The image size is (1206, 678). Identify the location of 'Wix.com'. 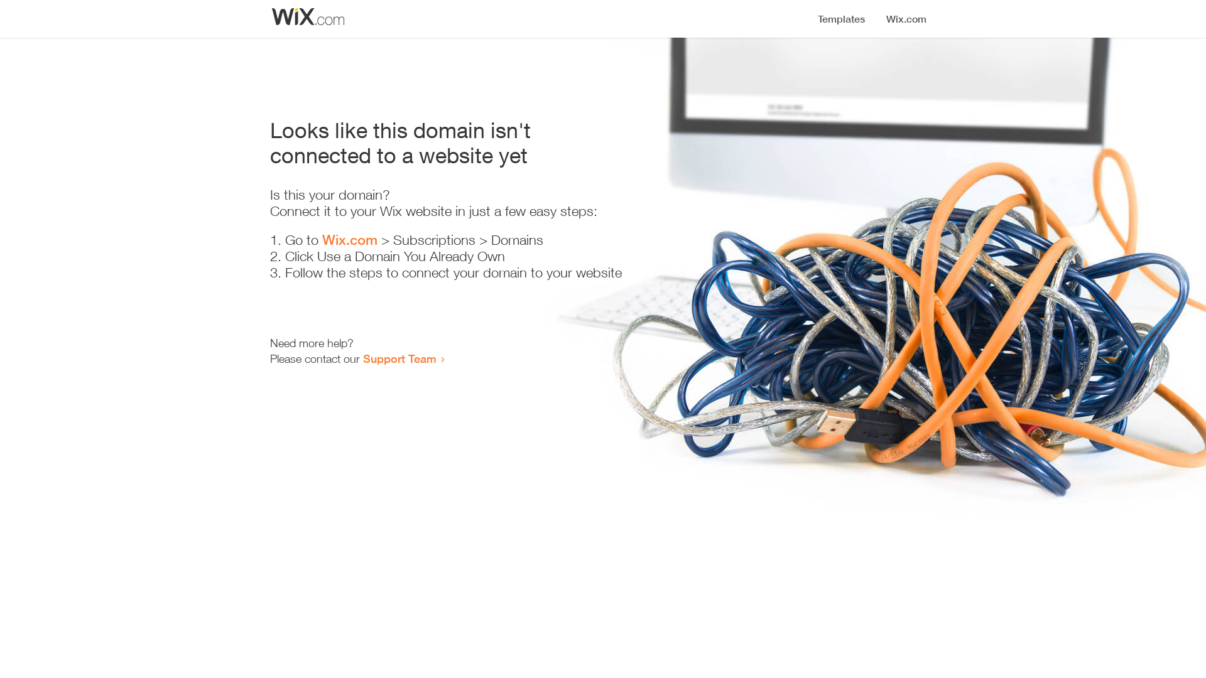
(322, 239).